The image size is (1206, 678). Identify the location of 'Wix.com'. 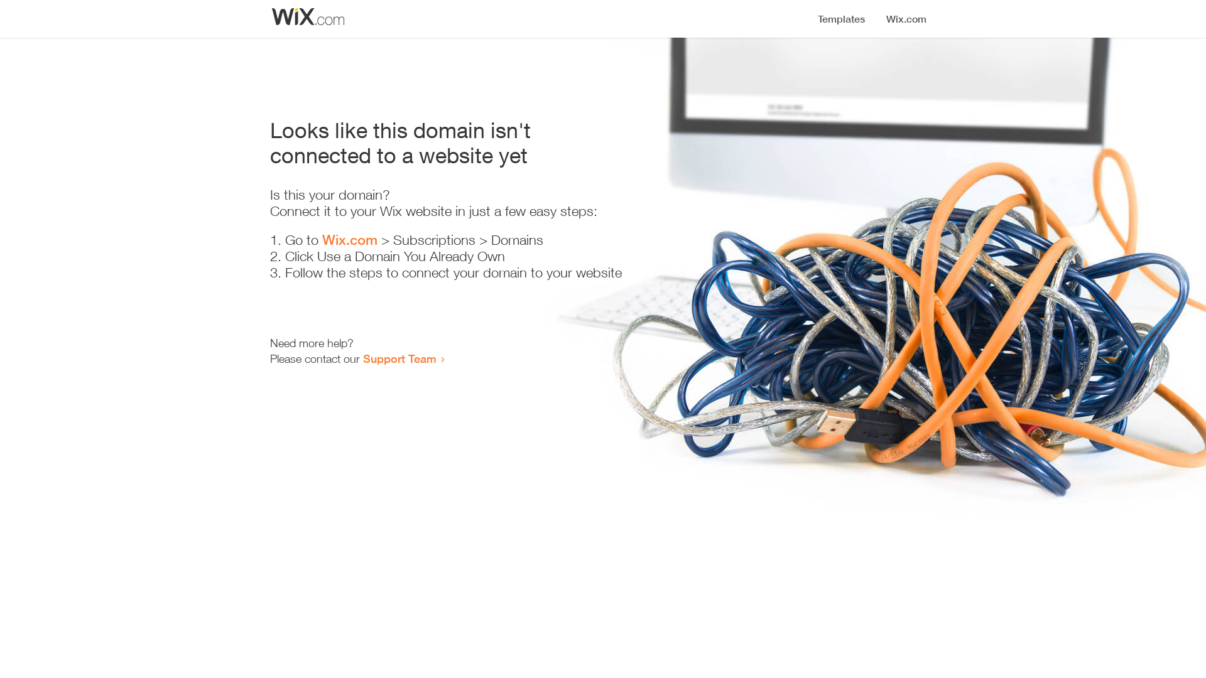
(322, 239).